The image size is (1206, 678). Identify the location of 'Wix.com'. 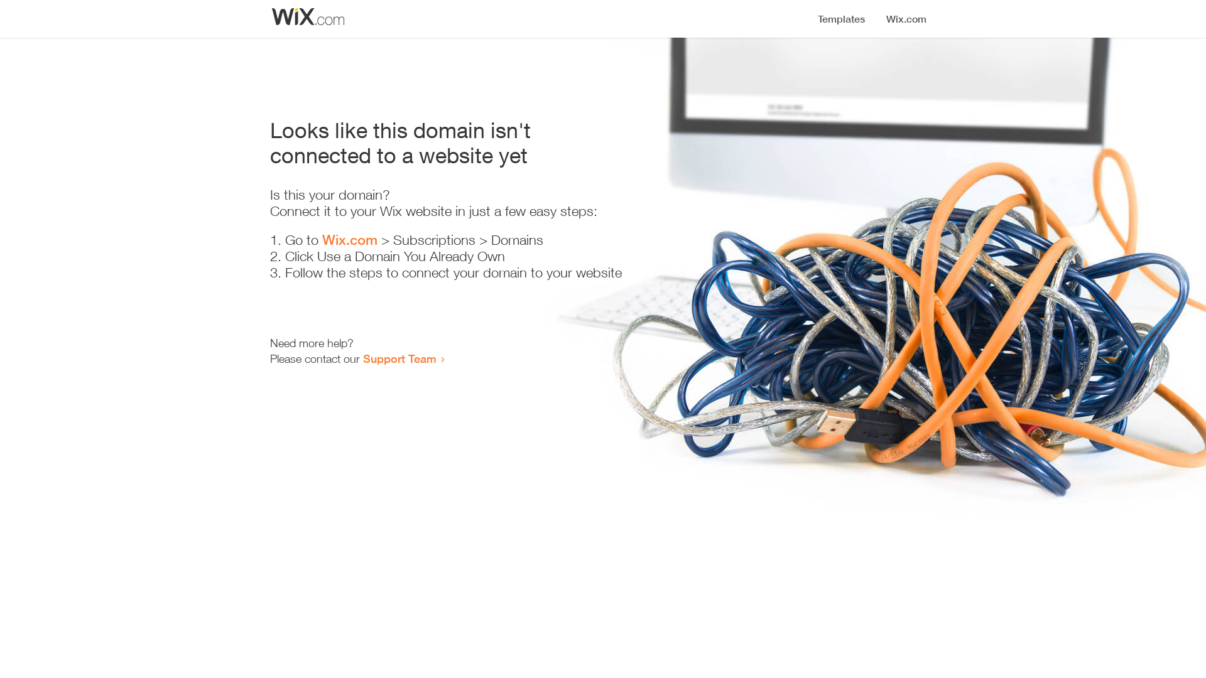
(322, 239).